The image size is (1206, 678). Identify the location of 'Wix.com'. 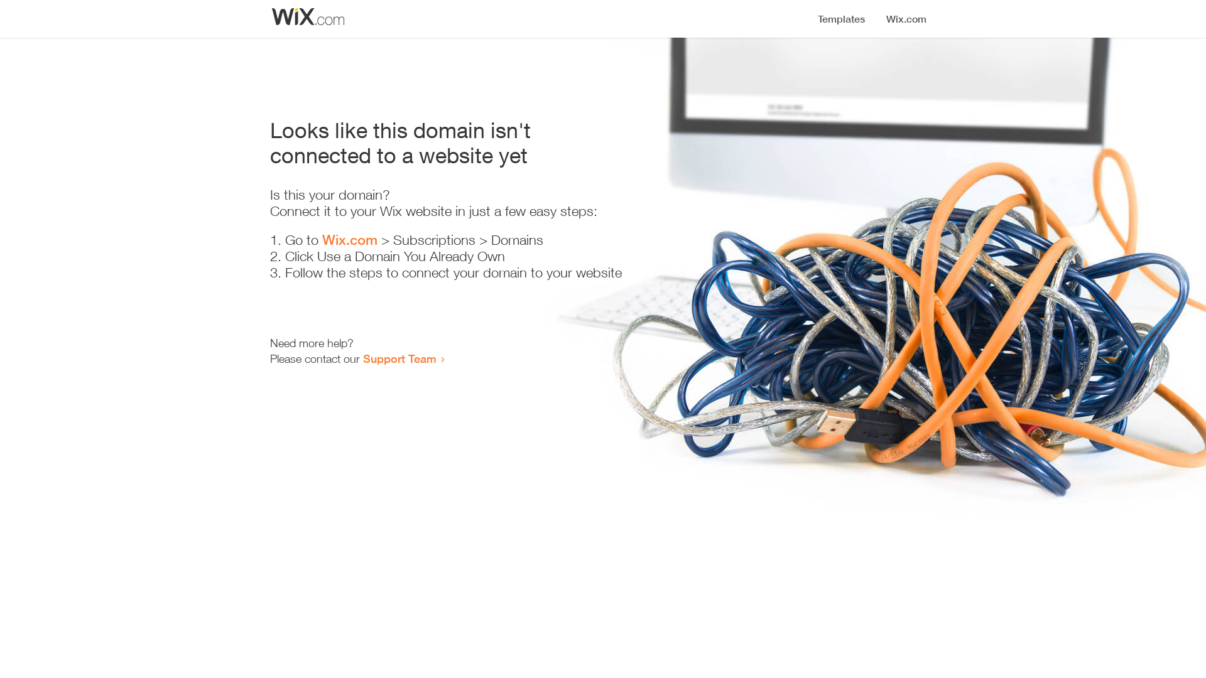
(322, 239).